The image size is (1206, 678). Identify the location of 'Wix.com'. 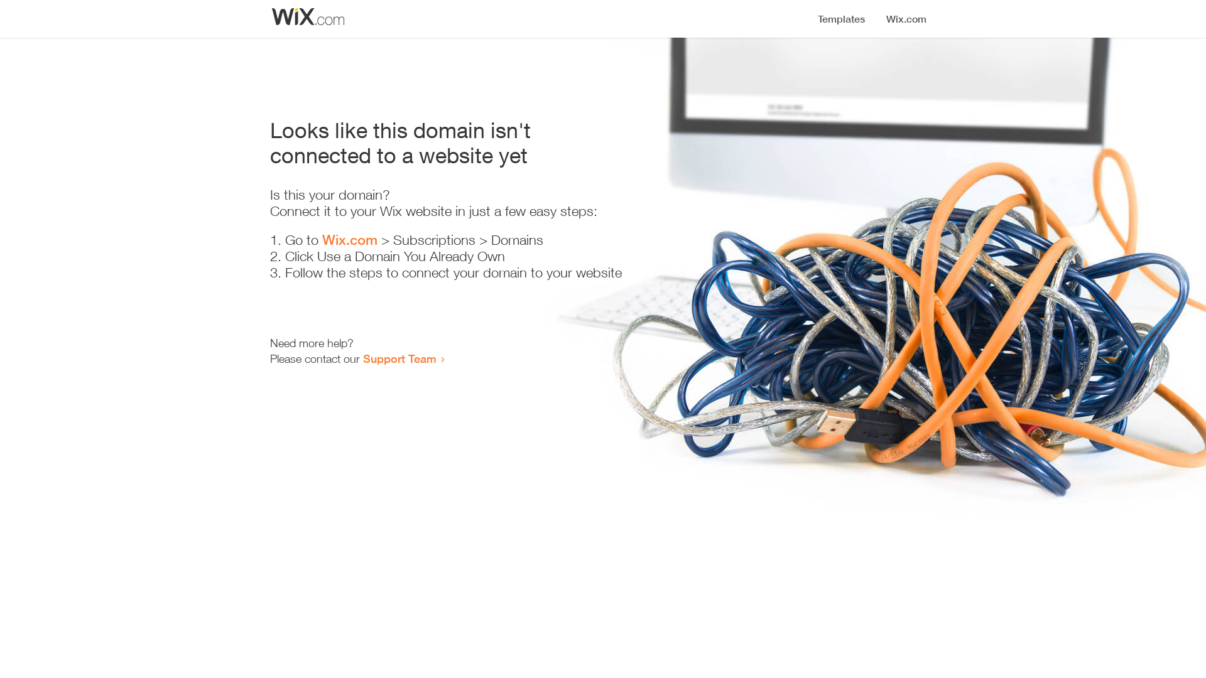
(322, 239).